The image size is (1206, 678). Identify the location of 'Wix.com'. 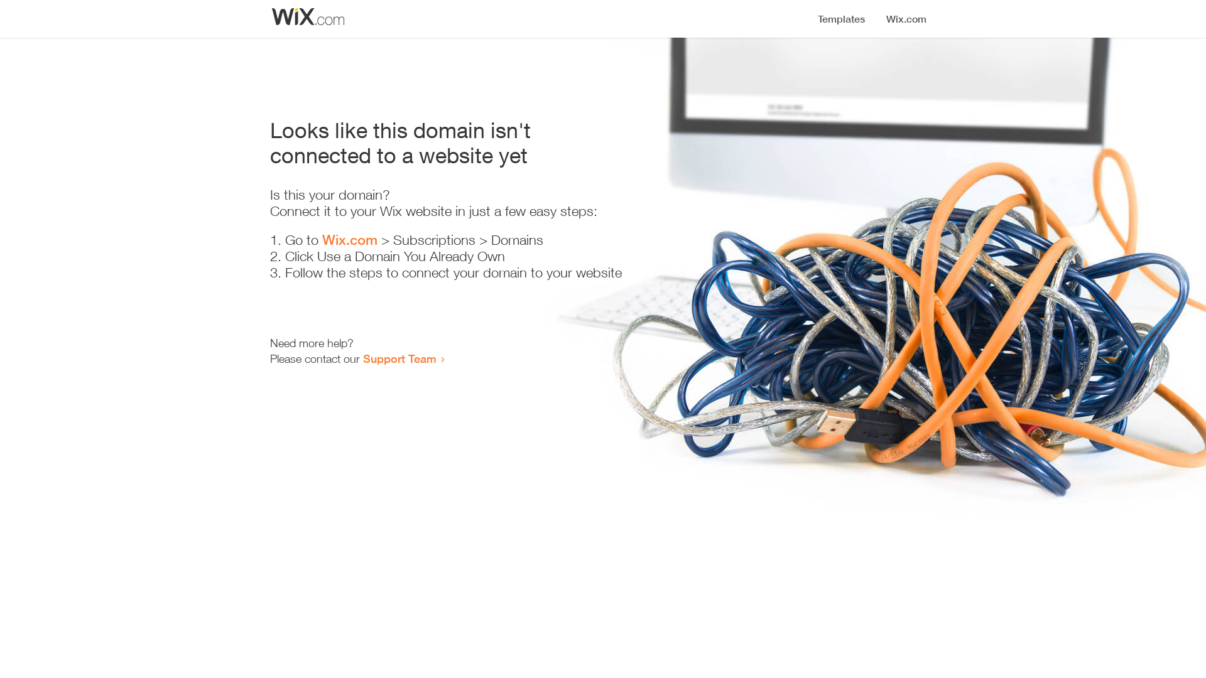
(322, 239).